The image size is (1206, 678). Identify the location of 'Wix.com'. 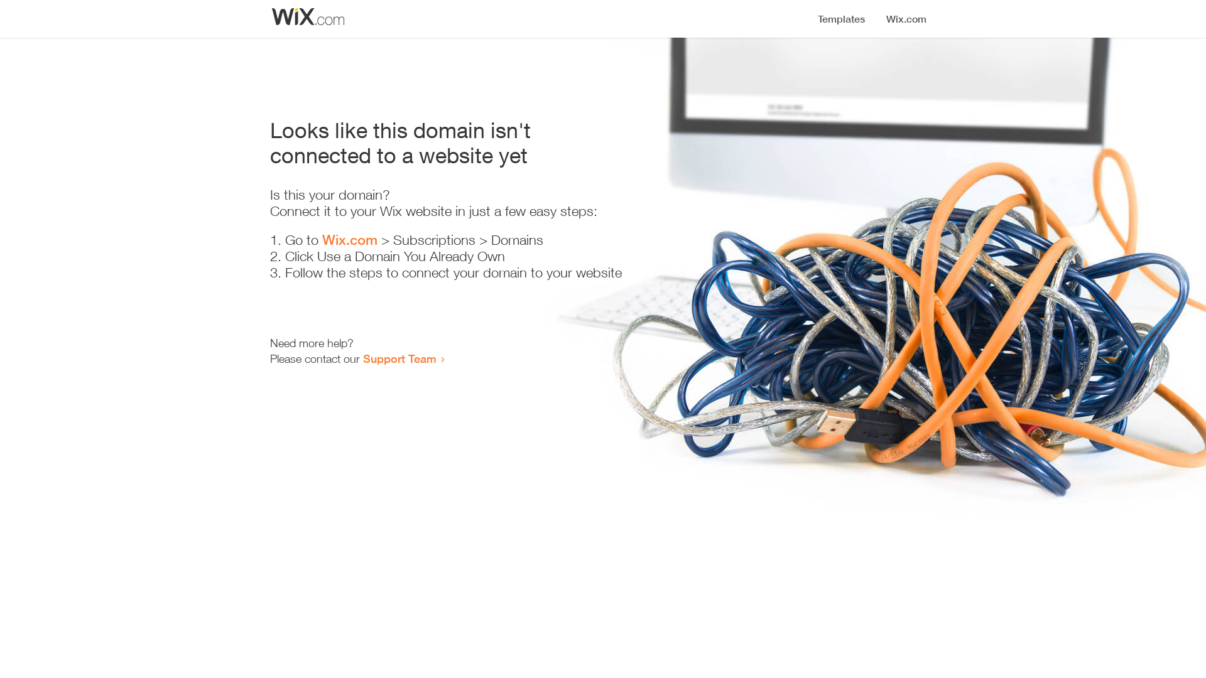
(322, 239).